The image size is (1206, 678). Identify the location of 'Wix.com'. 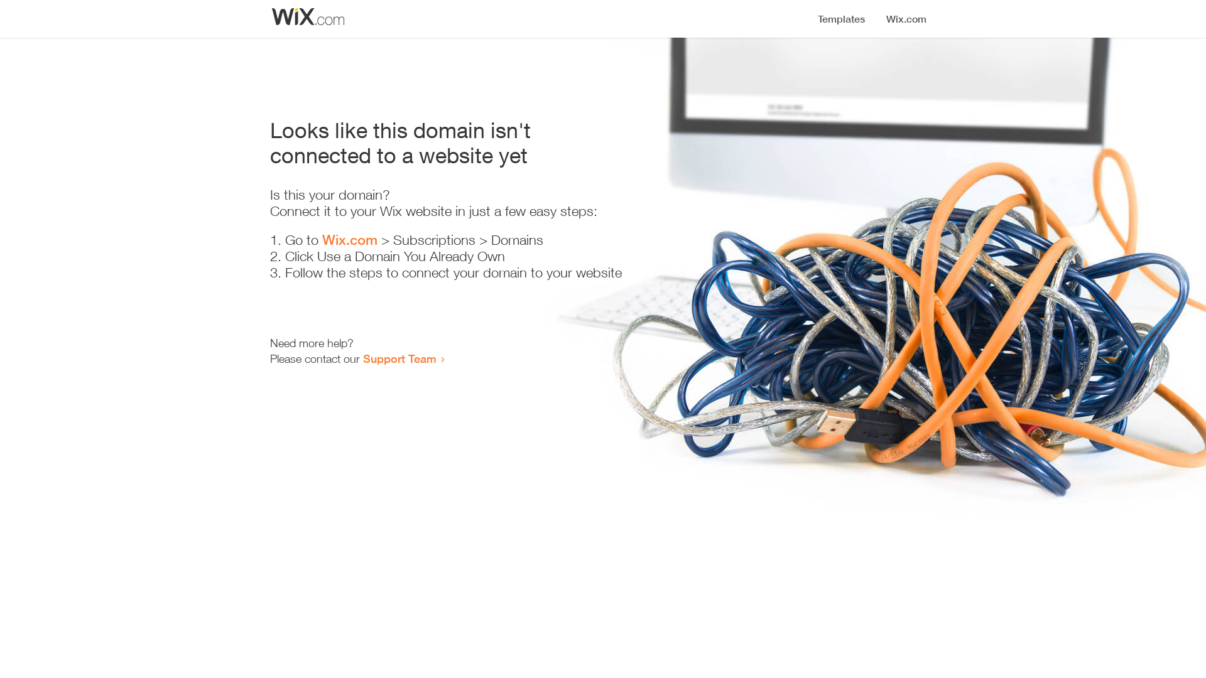
(322, 239).